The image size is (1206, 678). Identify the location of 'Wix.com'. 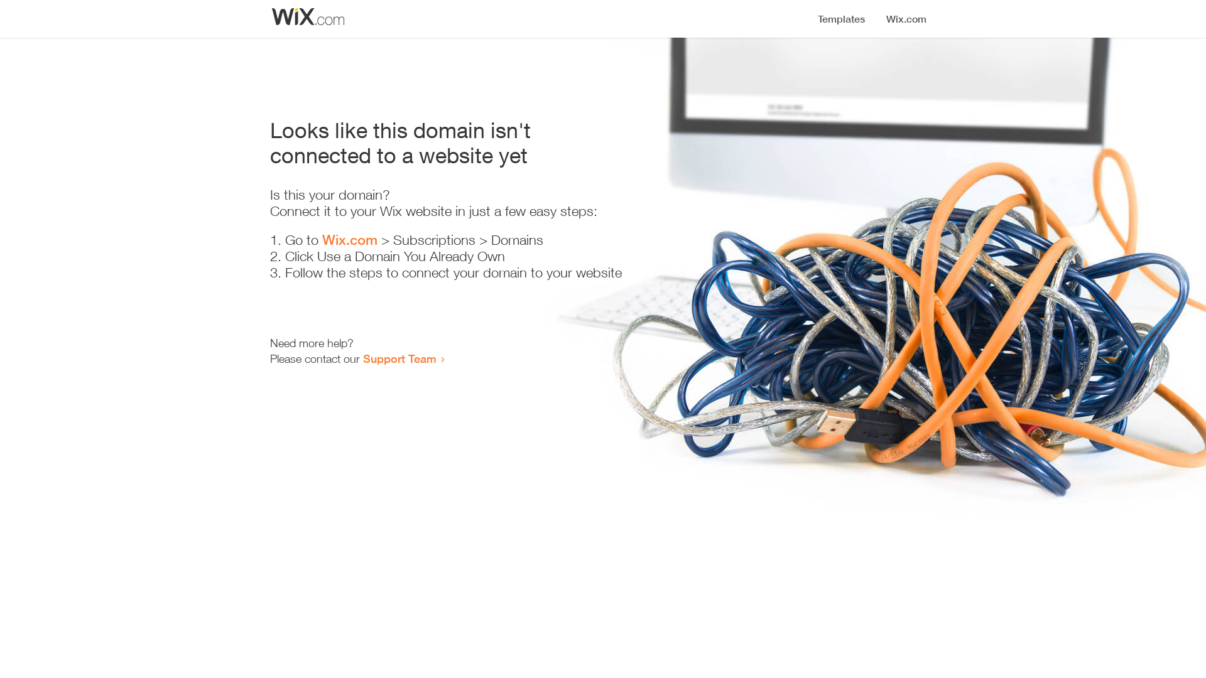
(322, 239).